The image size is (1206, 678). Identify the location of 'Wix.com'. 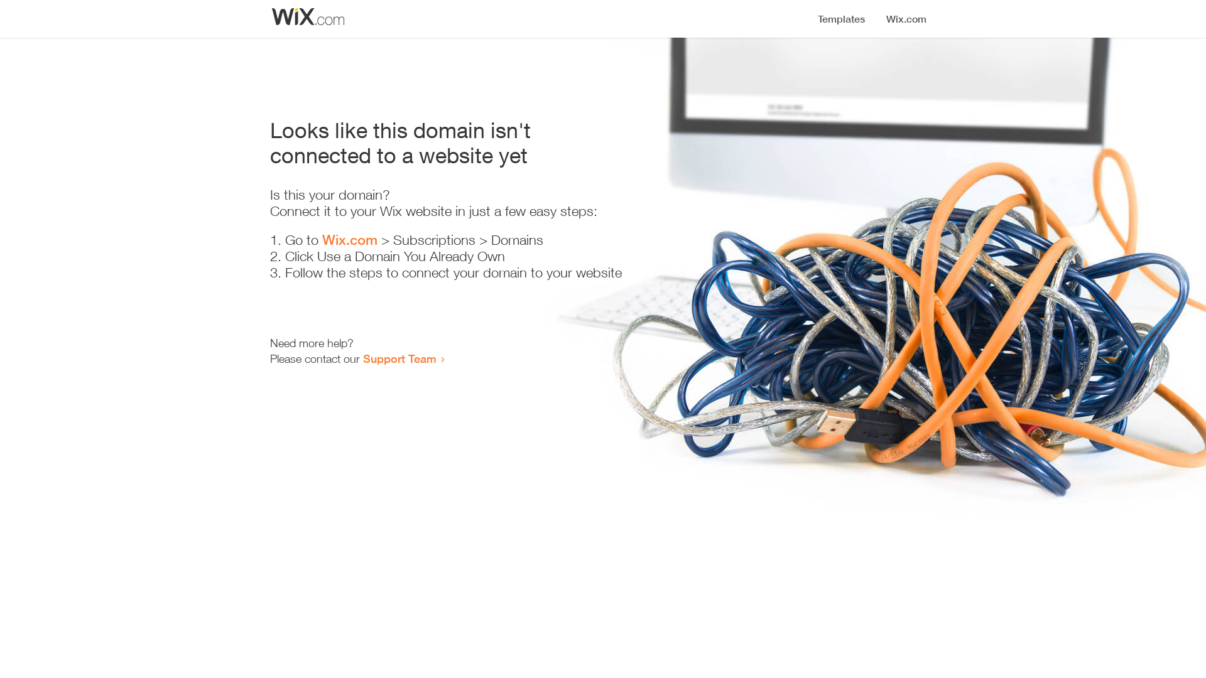
(322, 239).